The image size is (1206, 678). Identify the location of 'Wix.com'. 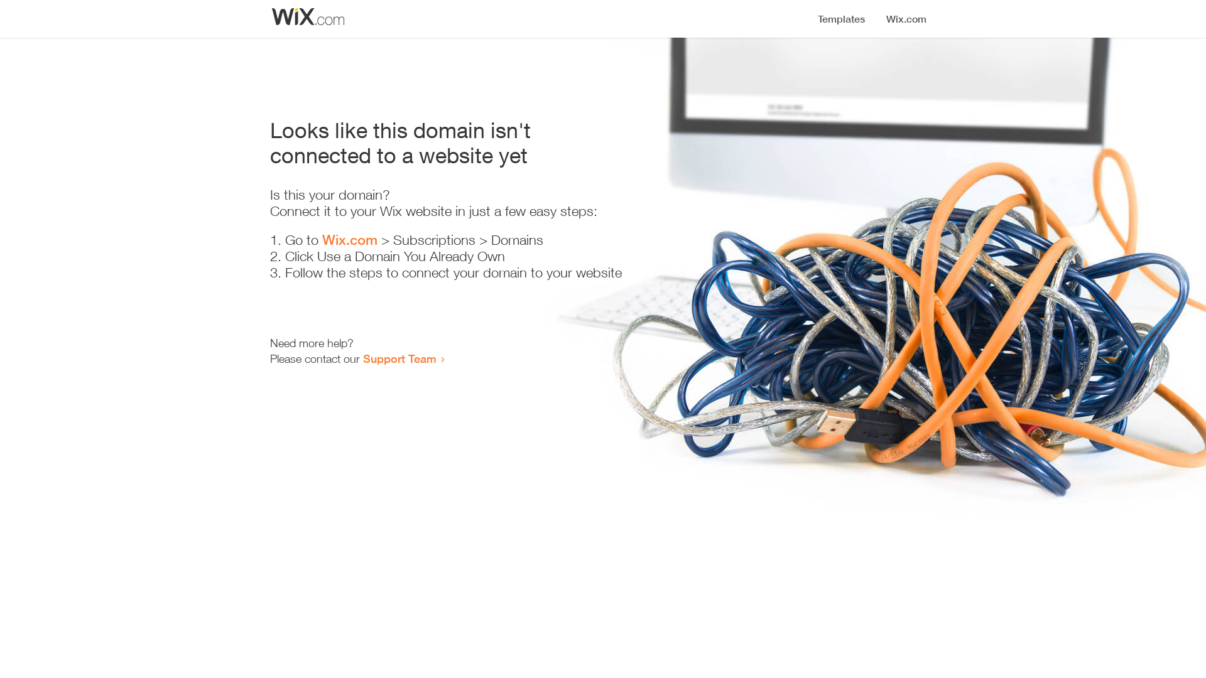
(322, 239).